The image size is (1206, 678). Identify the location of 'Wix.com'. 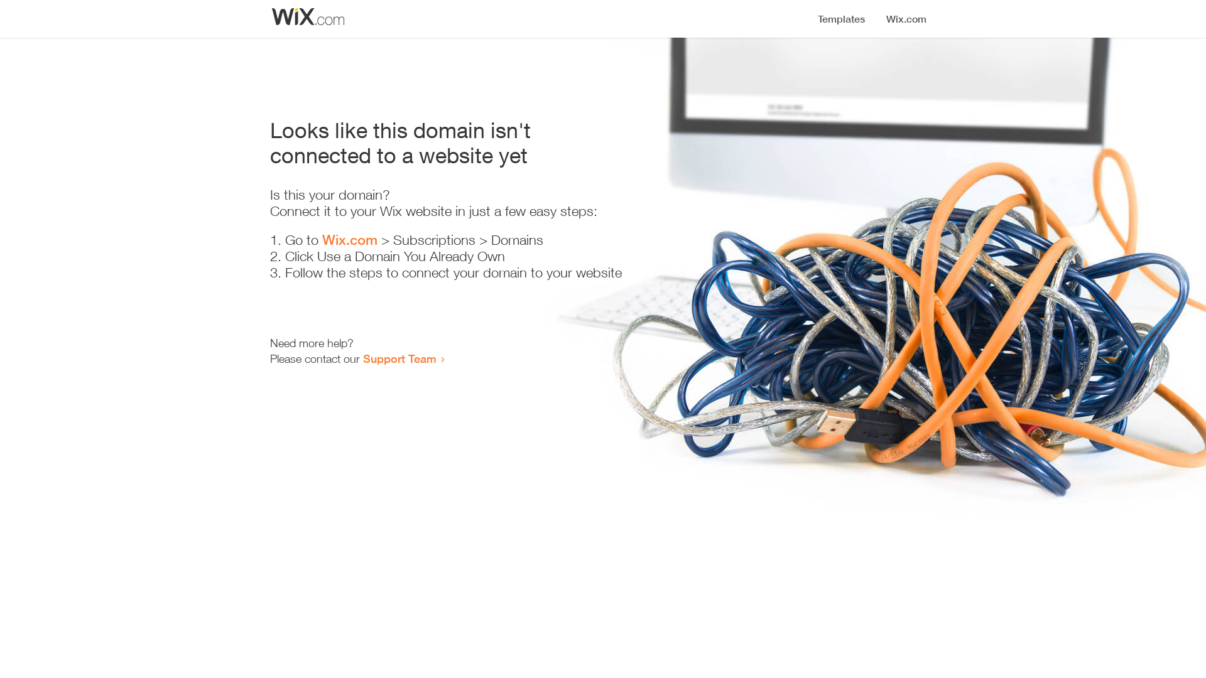
(322, 239).